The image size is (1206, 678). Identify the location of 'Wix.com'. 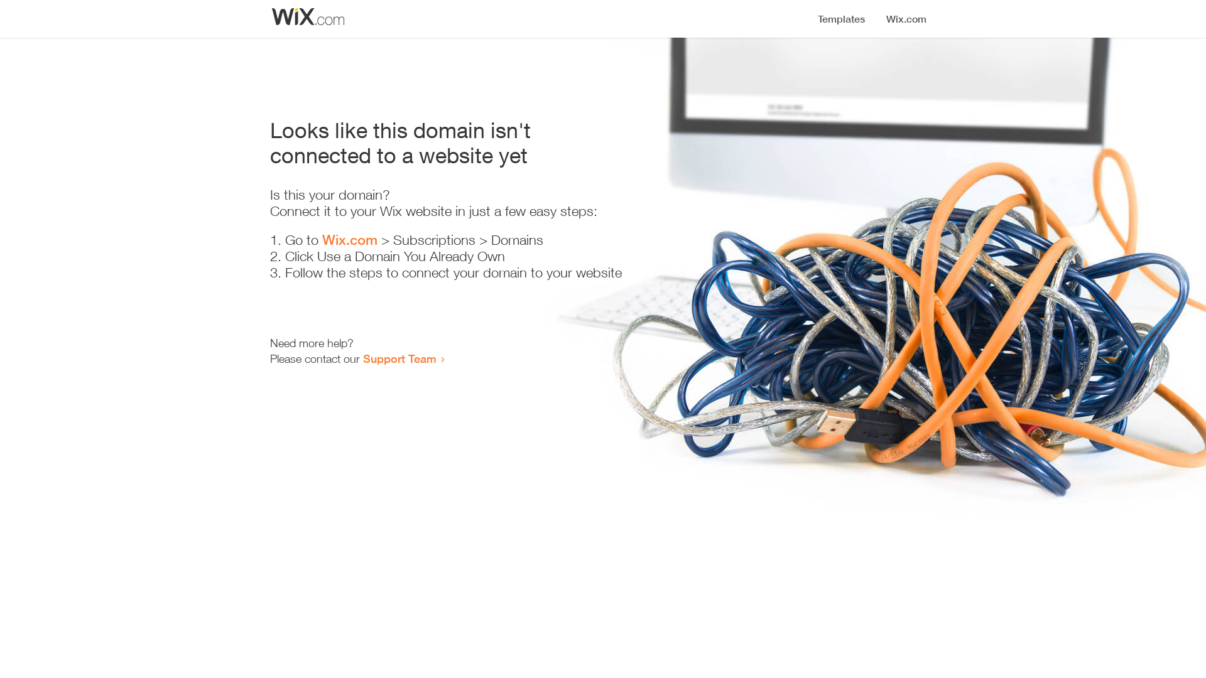
(322, 239).